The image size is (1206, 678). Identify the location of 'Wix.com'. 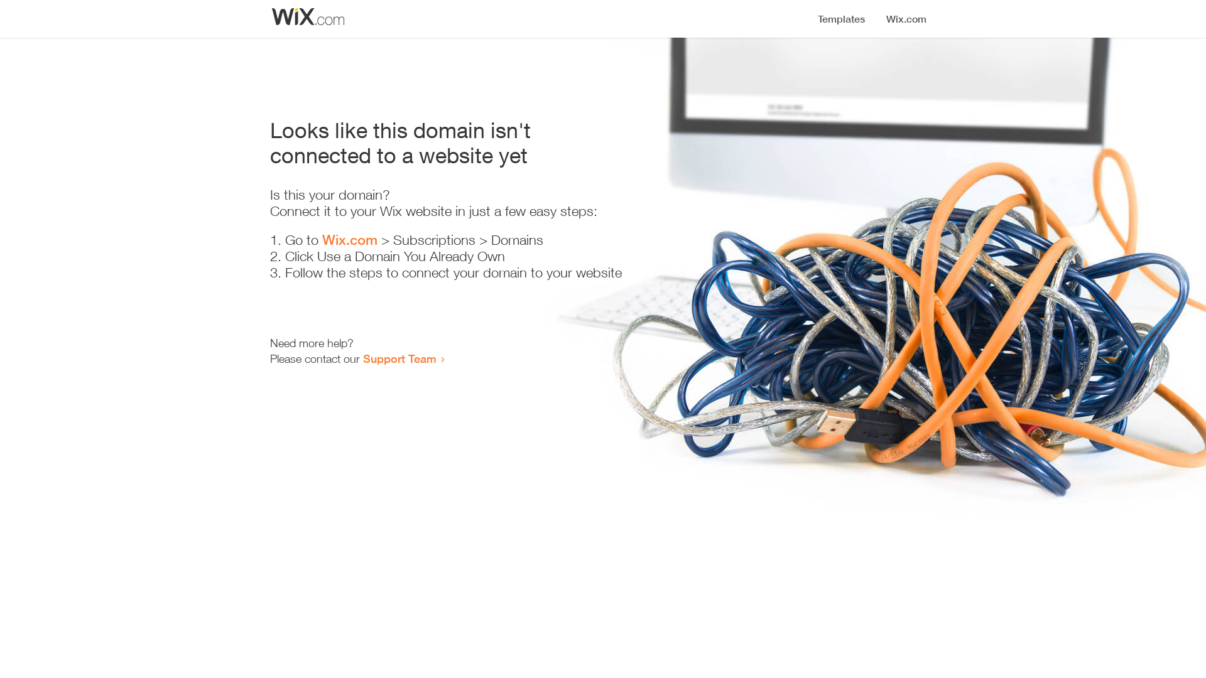
(322, 239).